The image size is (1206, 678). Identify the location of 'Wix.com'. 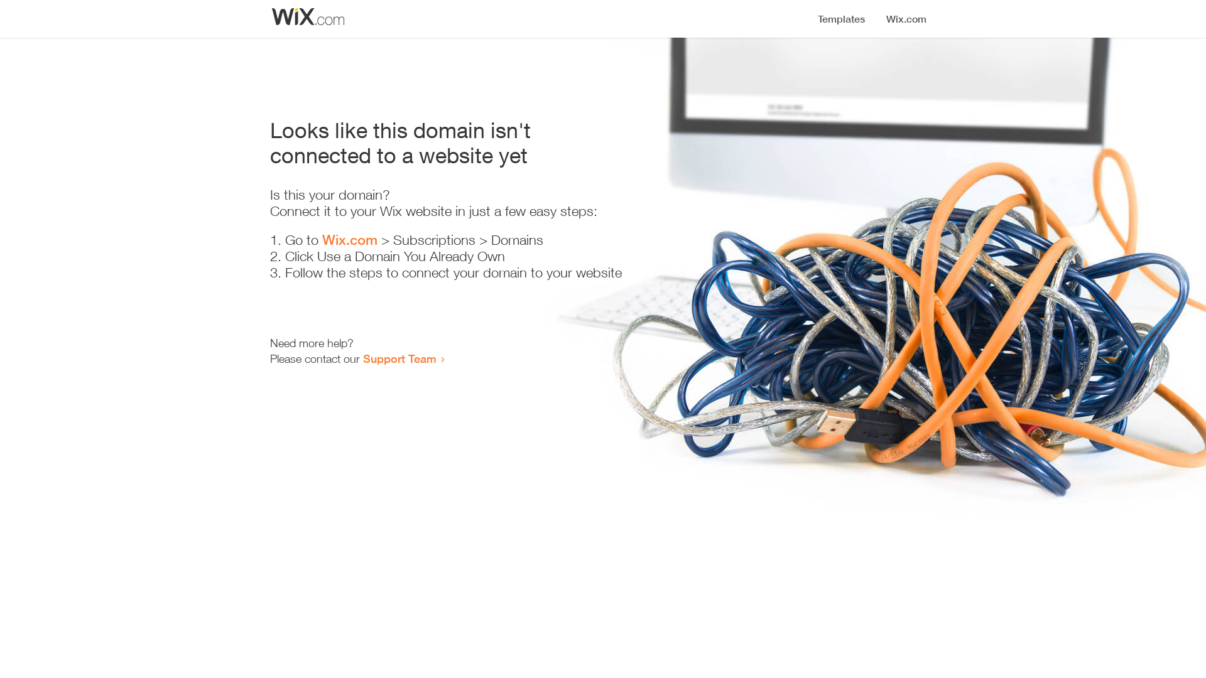
(322, 239).